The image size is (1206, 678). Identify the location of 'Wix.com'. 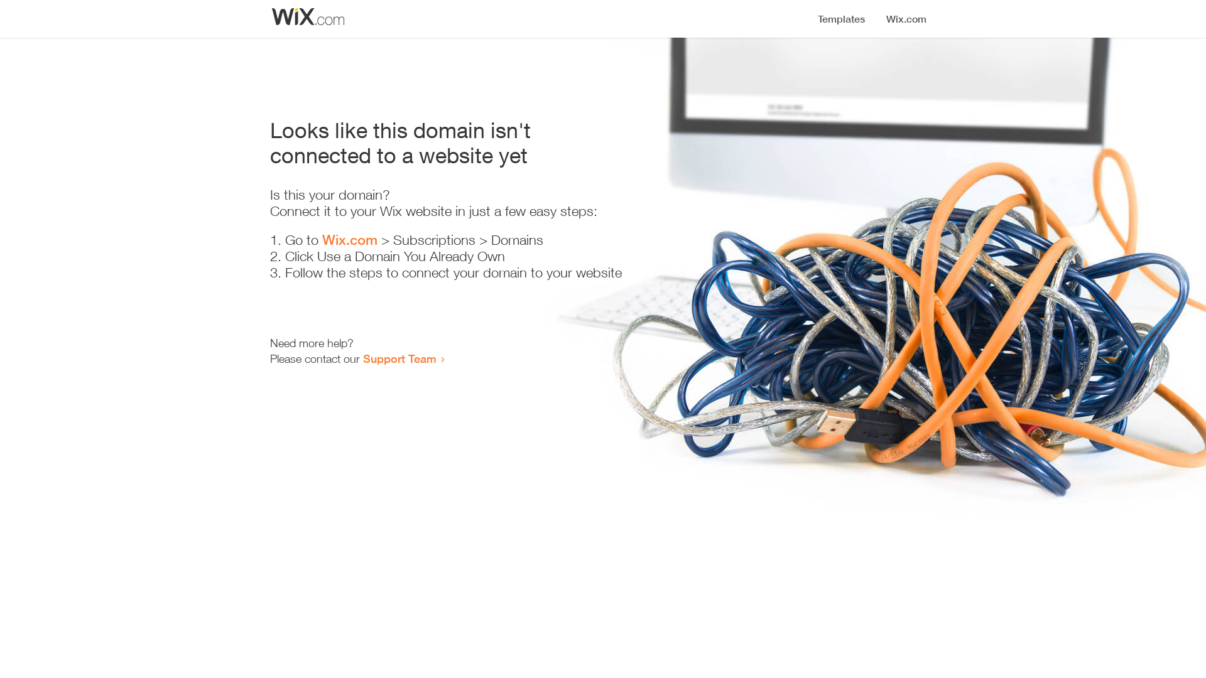
(322, 239).